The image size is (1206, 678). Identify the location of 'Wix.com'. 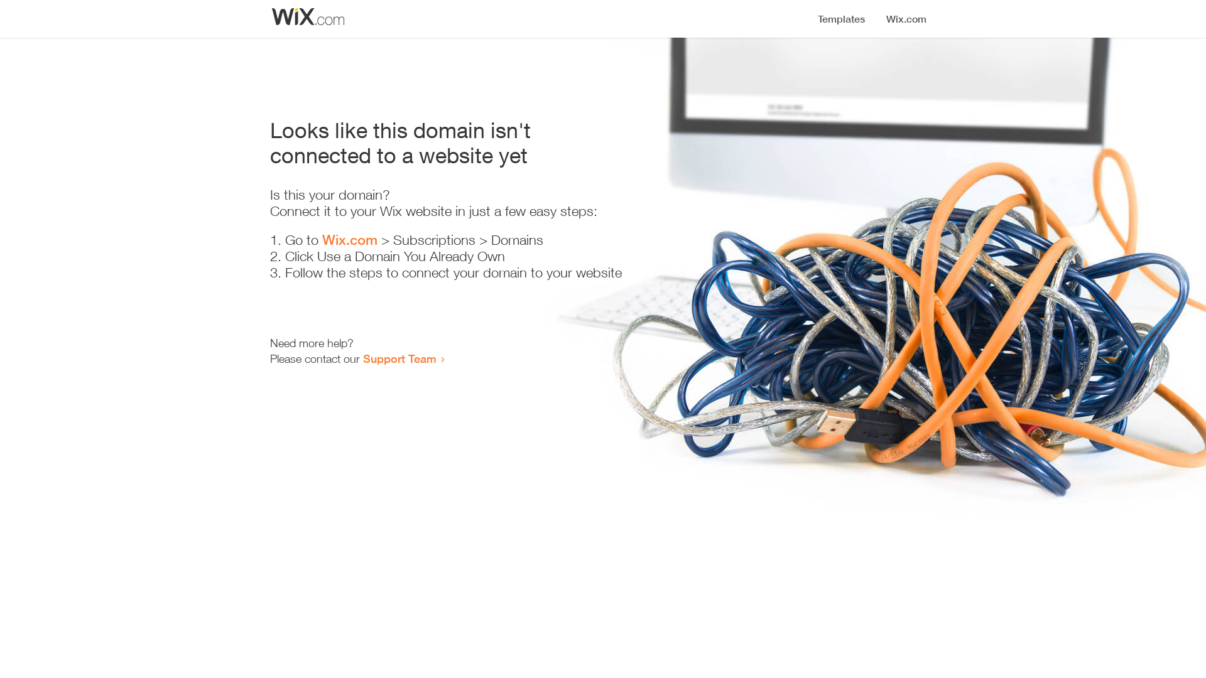
(322, 239).